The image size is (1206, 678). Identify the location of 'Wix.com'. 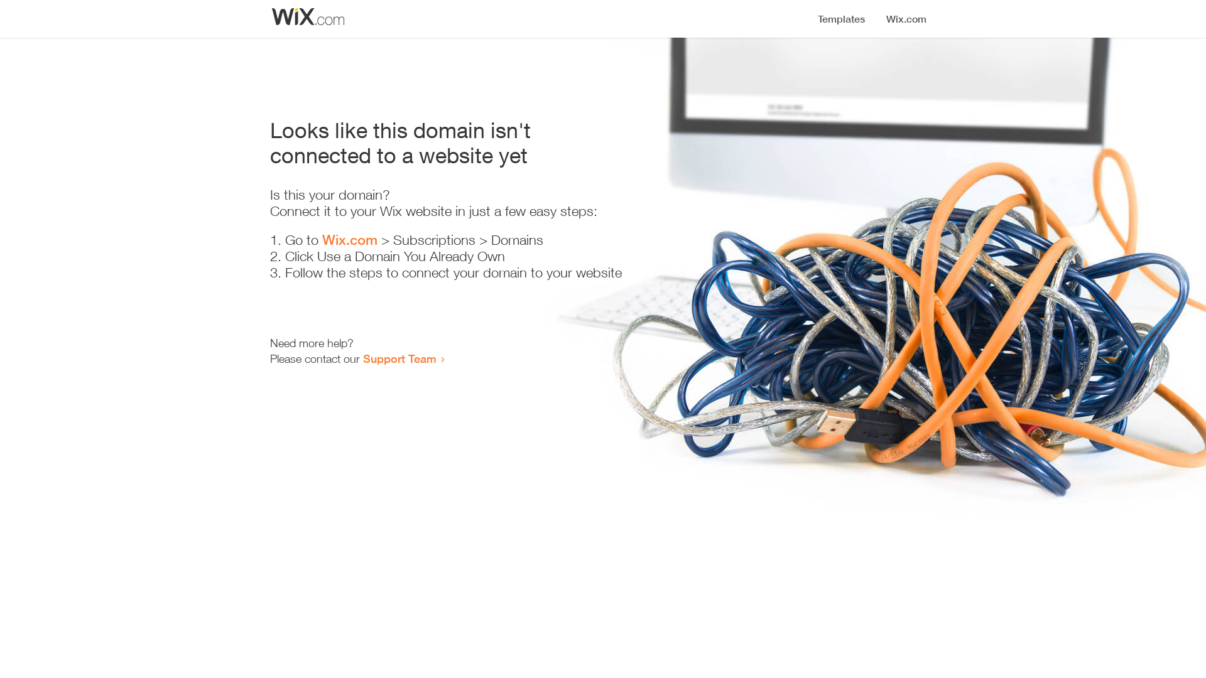
(322, 239).